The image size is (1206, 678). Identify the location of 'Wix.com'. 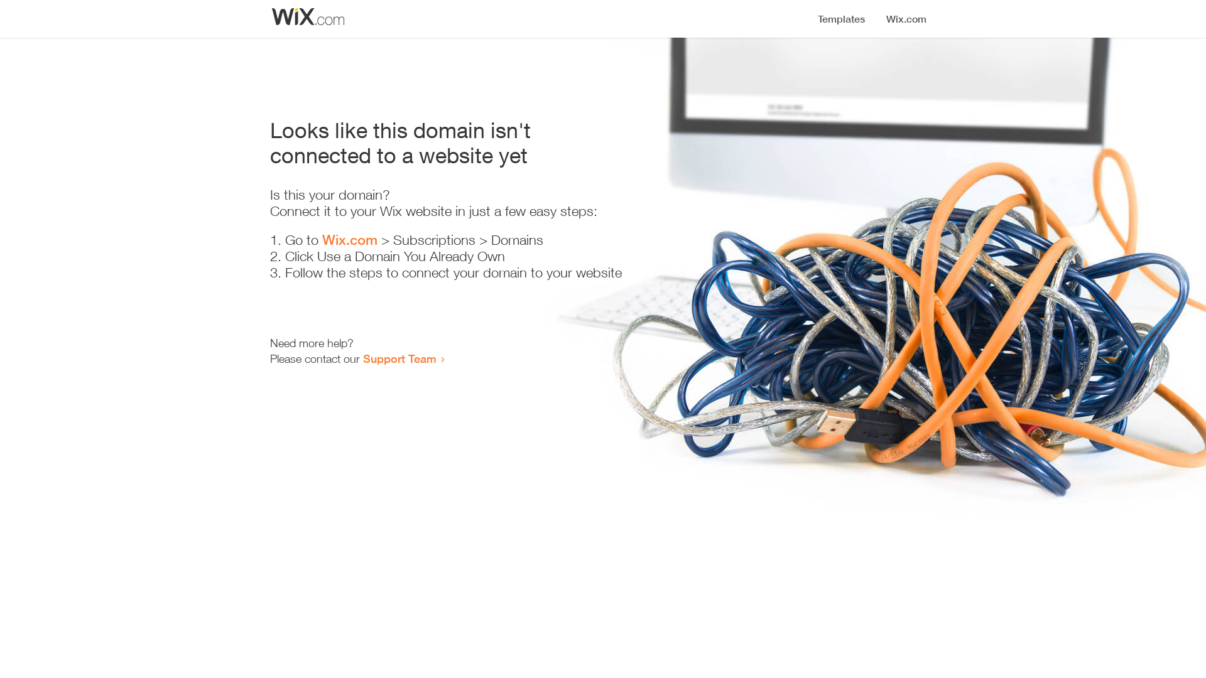
(322, 239).